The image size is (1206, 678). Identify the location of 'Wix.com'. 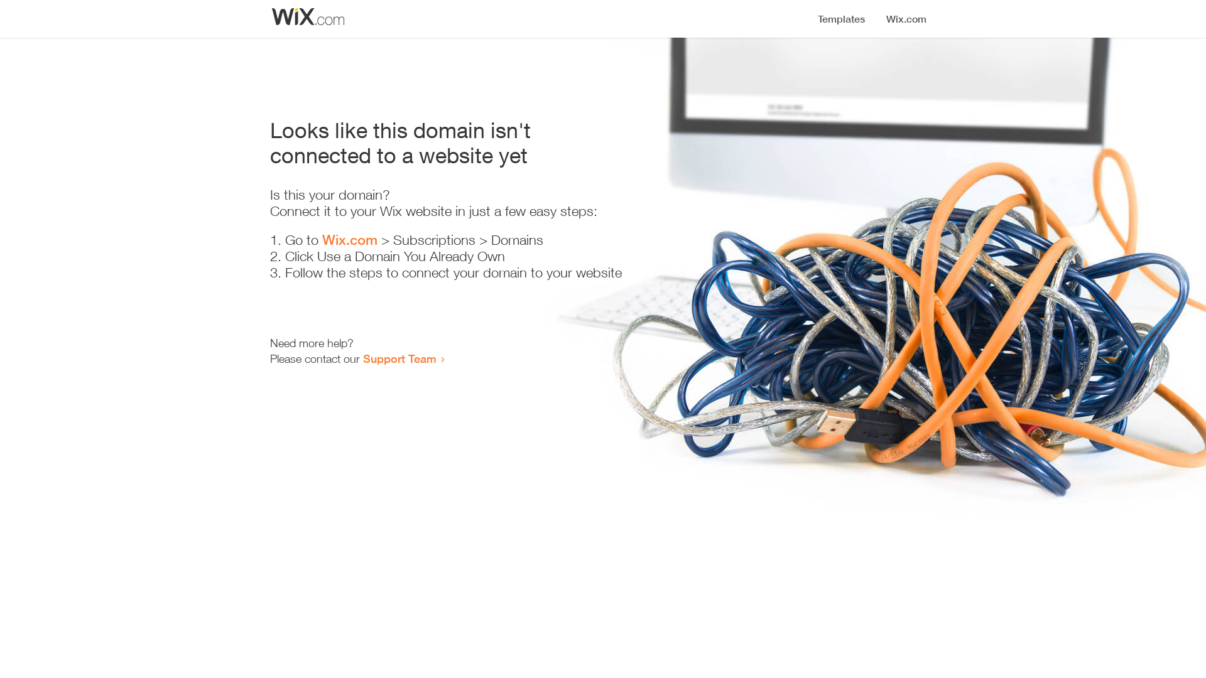
(322, 239).